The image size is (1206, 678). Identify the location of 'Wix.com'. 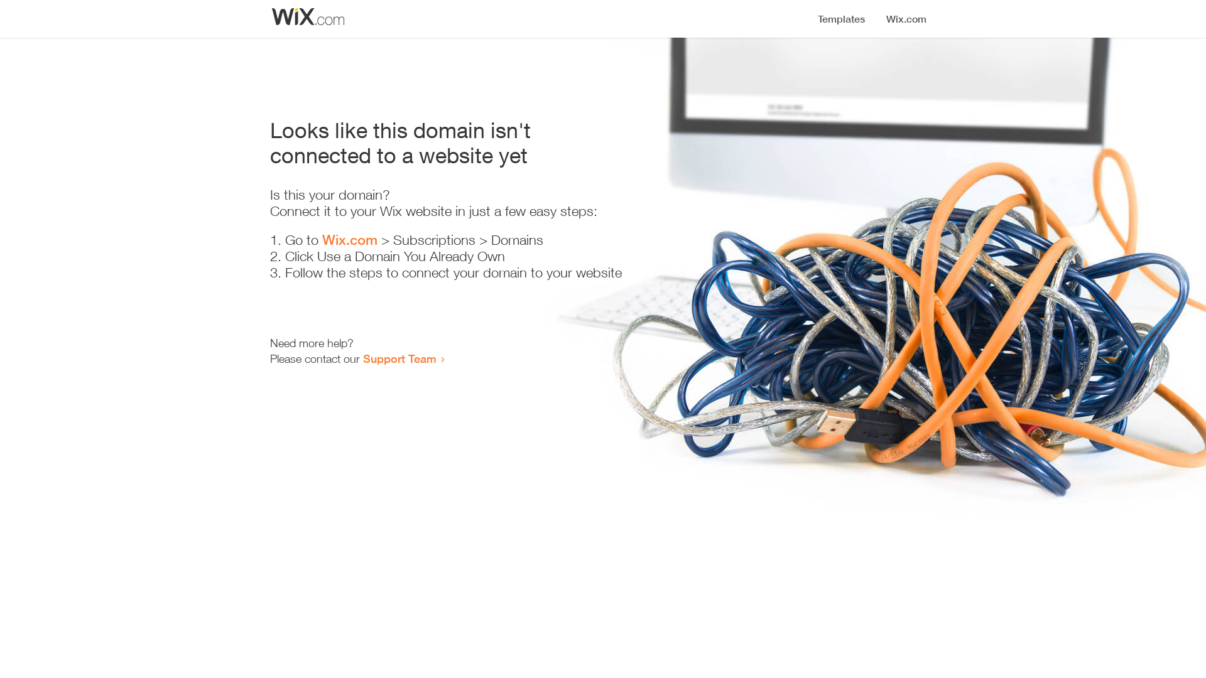
(322, 239).